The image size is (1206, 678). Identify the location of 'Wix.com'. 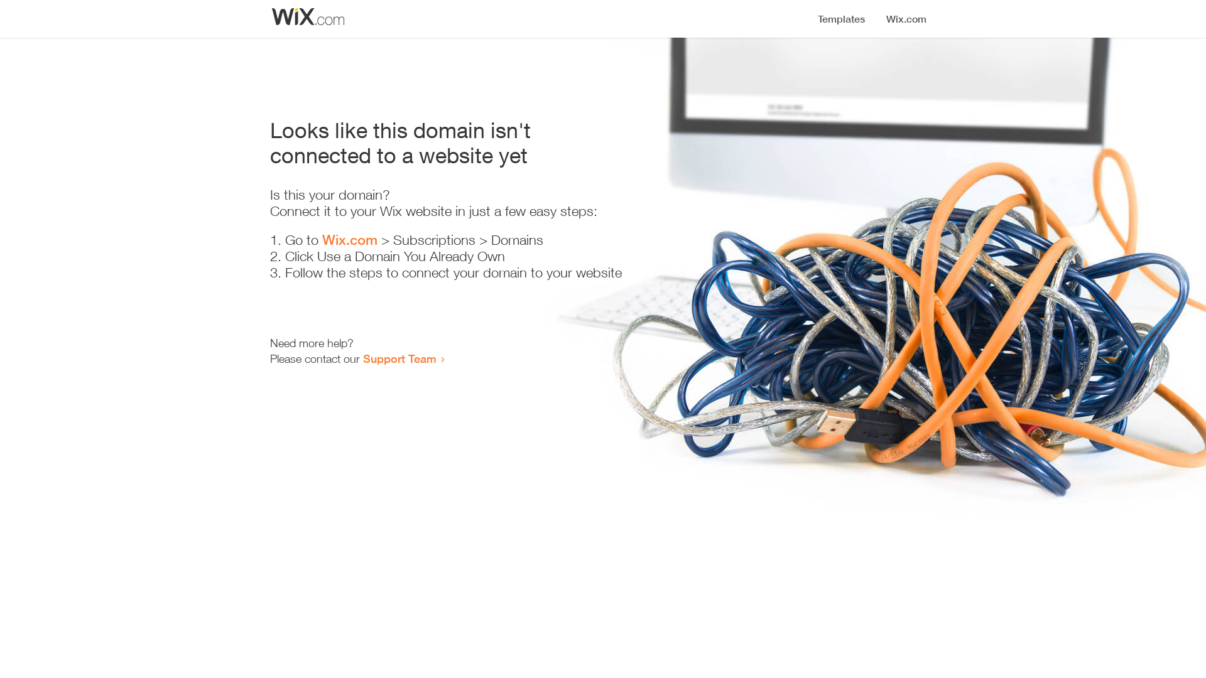
(322, 239).